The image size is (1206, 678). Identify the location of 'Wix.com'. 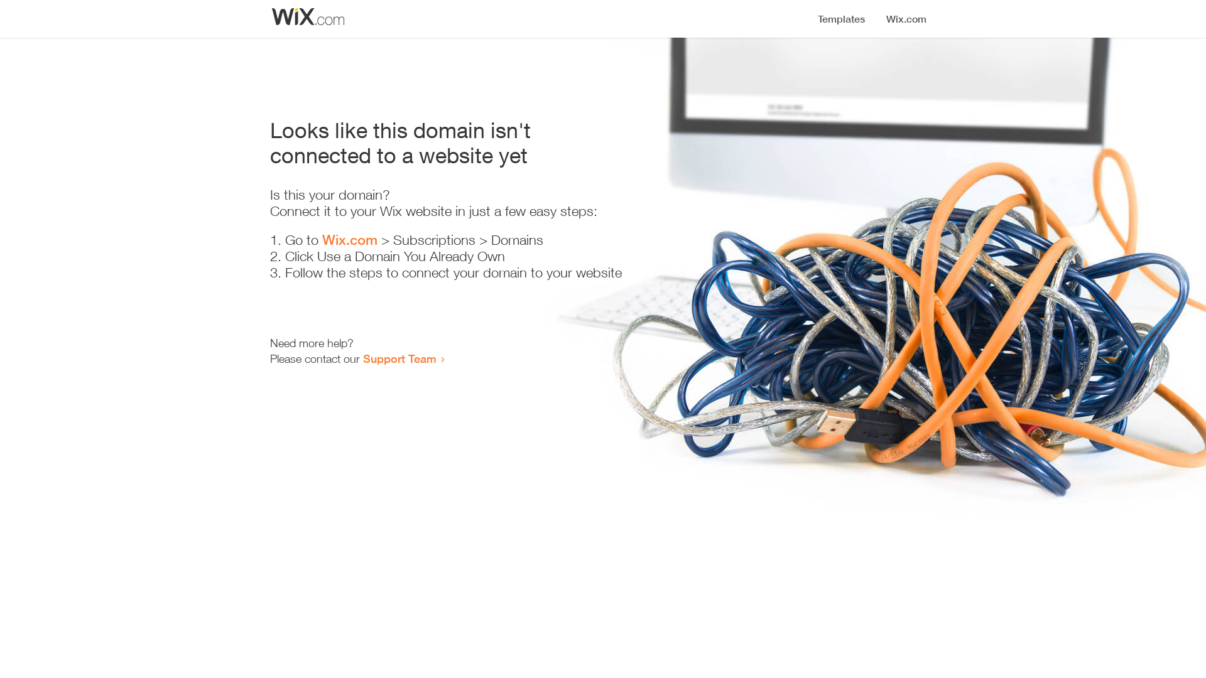
(322, 239).